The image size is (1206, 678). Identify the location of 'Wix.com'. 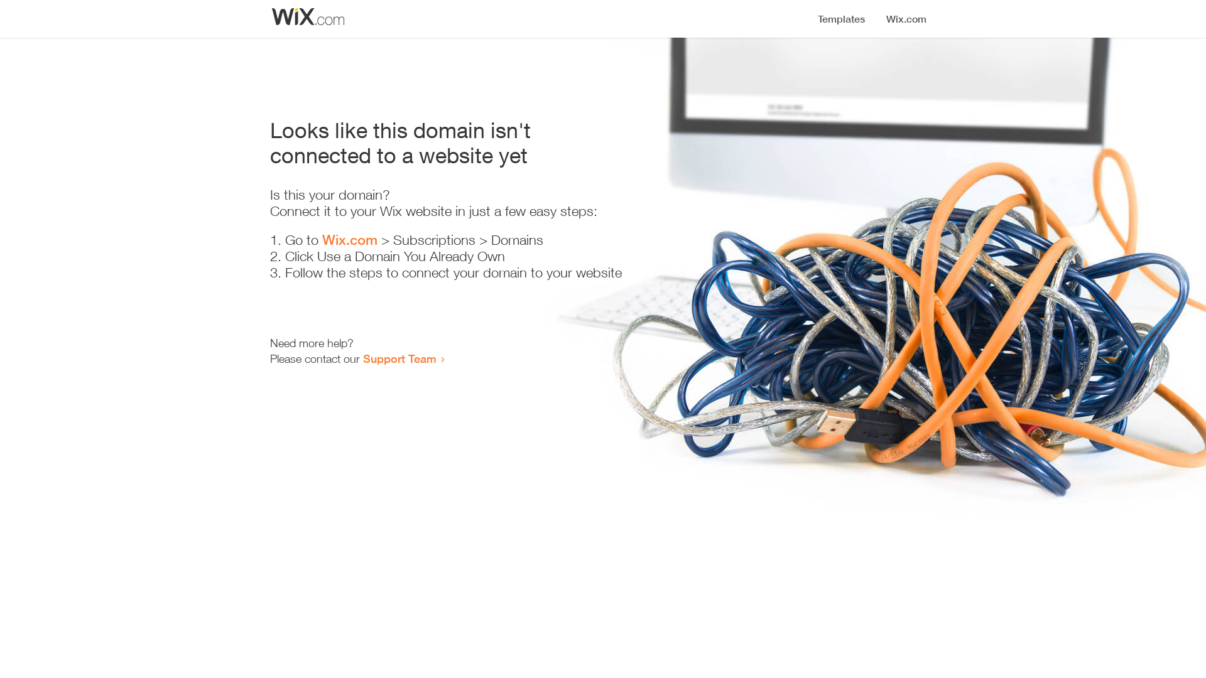
(322, 239).